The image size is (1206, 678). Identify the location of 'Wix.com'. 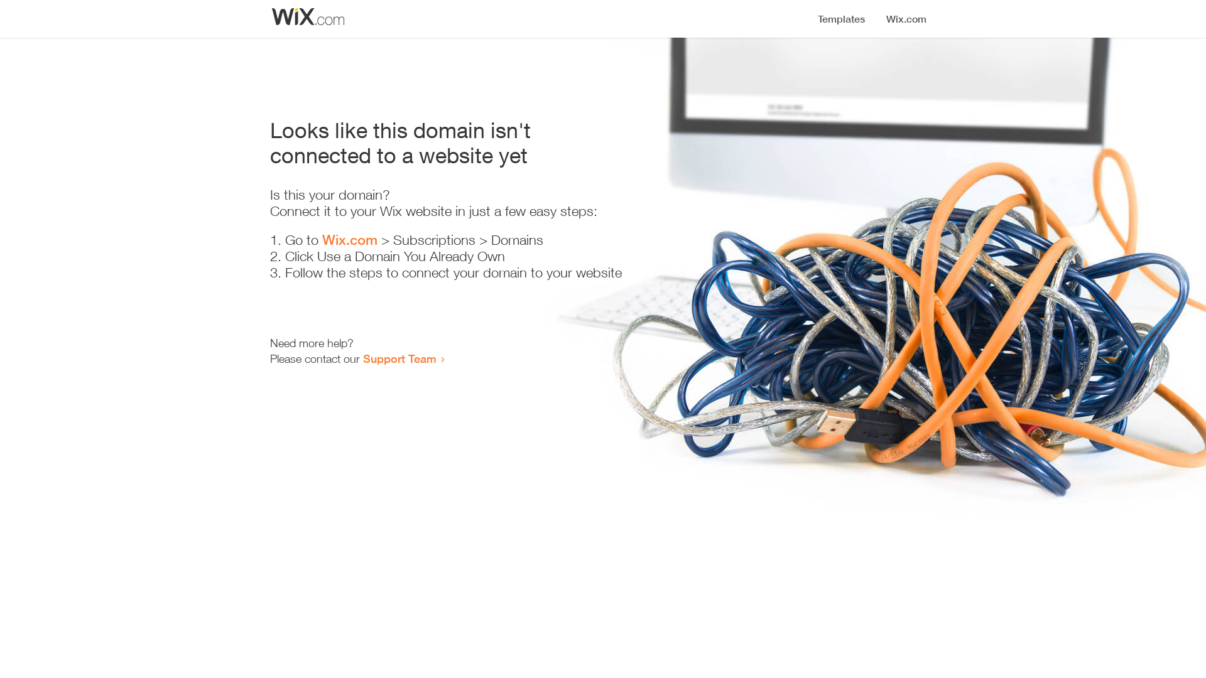
(322, 239).